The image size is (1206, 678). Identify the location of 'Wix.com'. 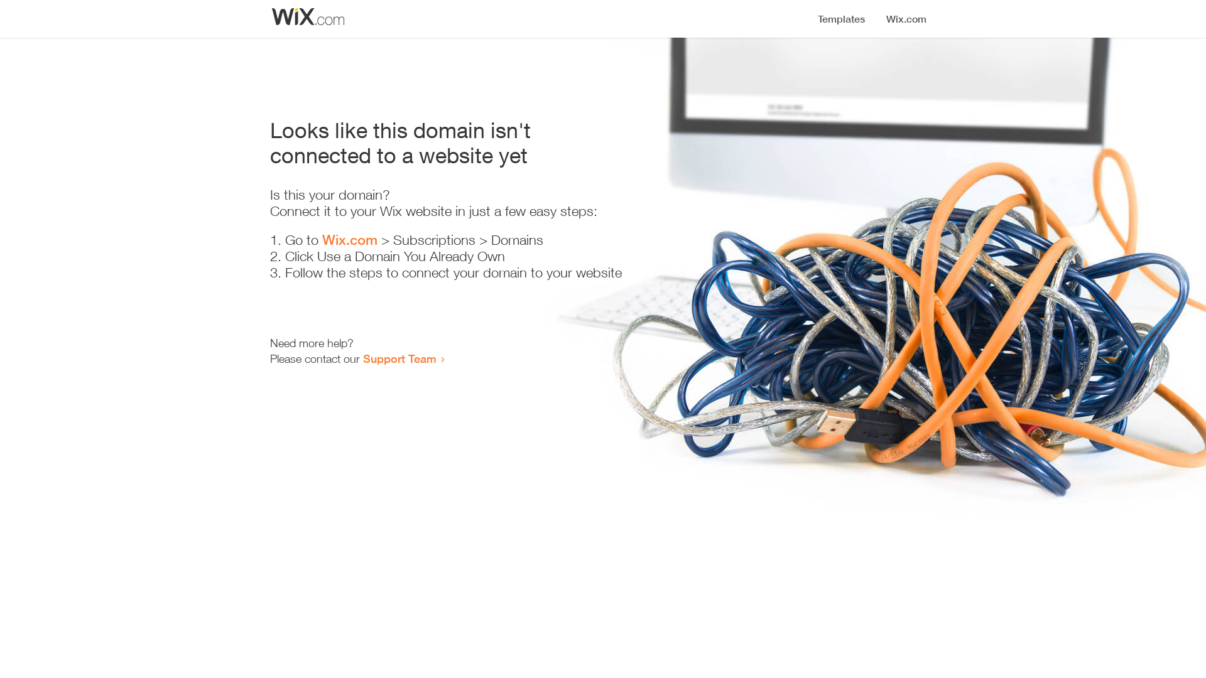
(322, 239).